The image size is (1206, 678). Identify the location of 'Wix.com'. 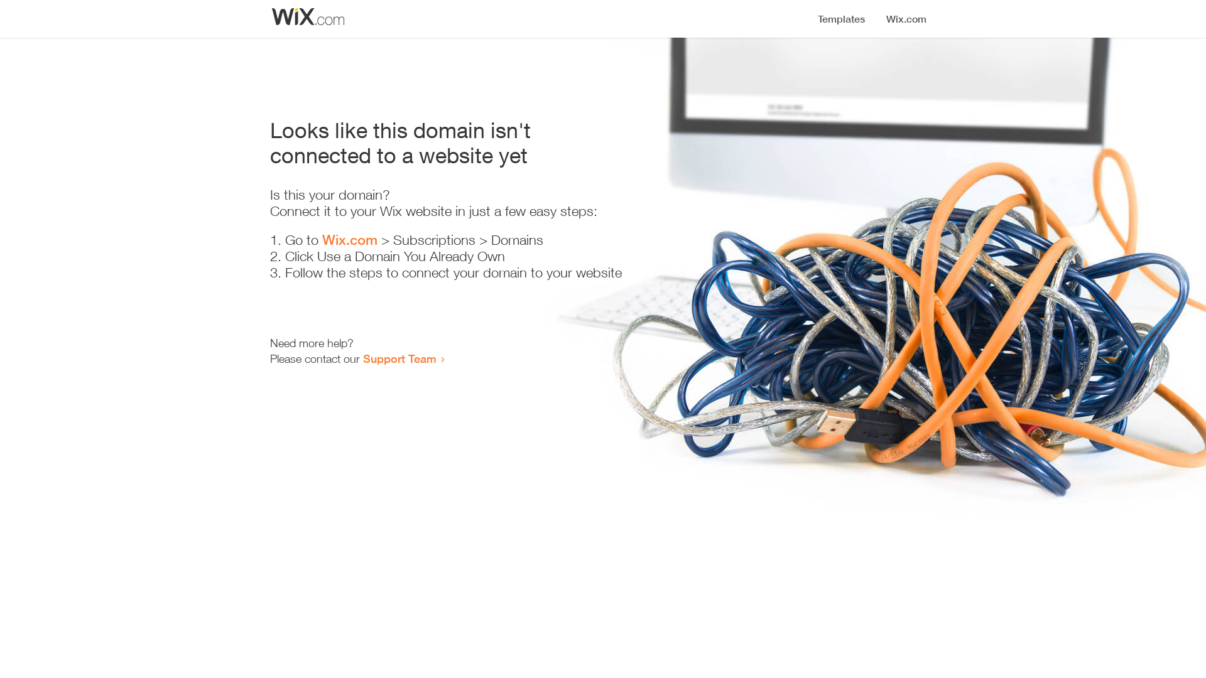
(322, 239).